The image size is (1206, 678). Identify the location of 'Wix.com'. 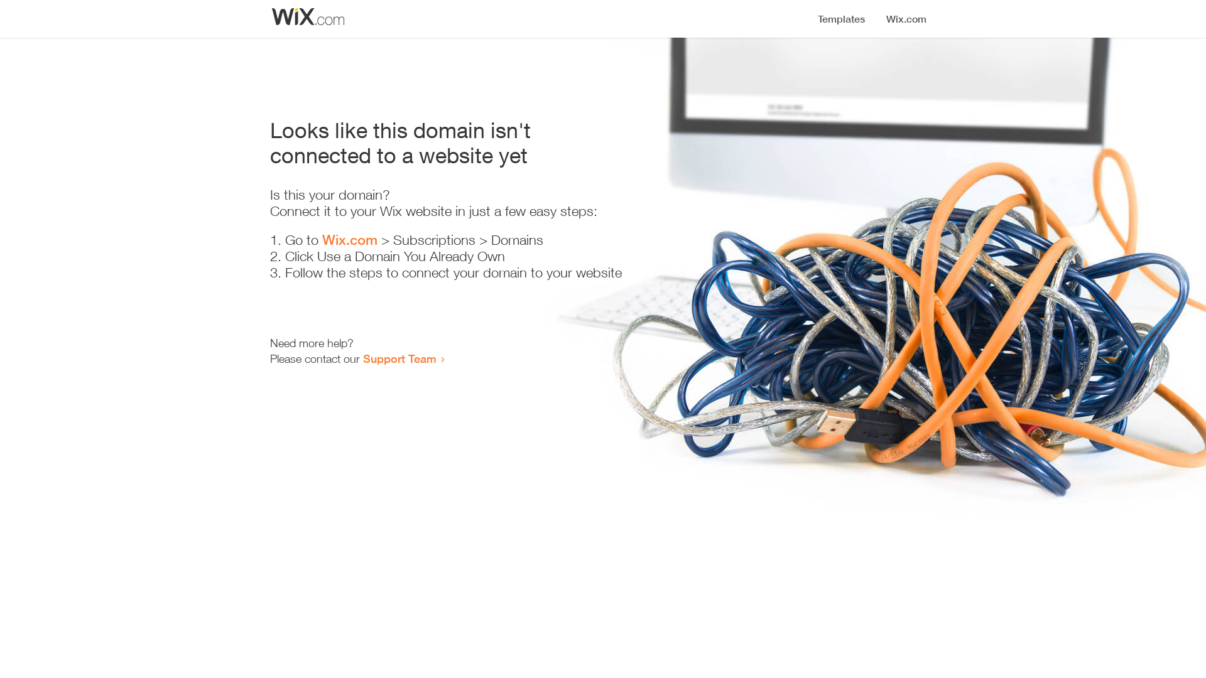
(322, 239).